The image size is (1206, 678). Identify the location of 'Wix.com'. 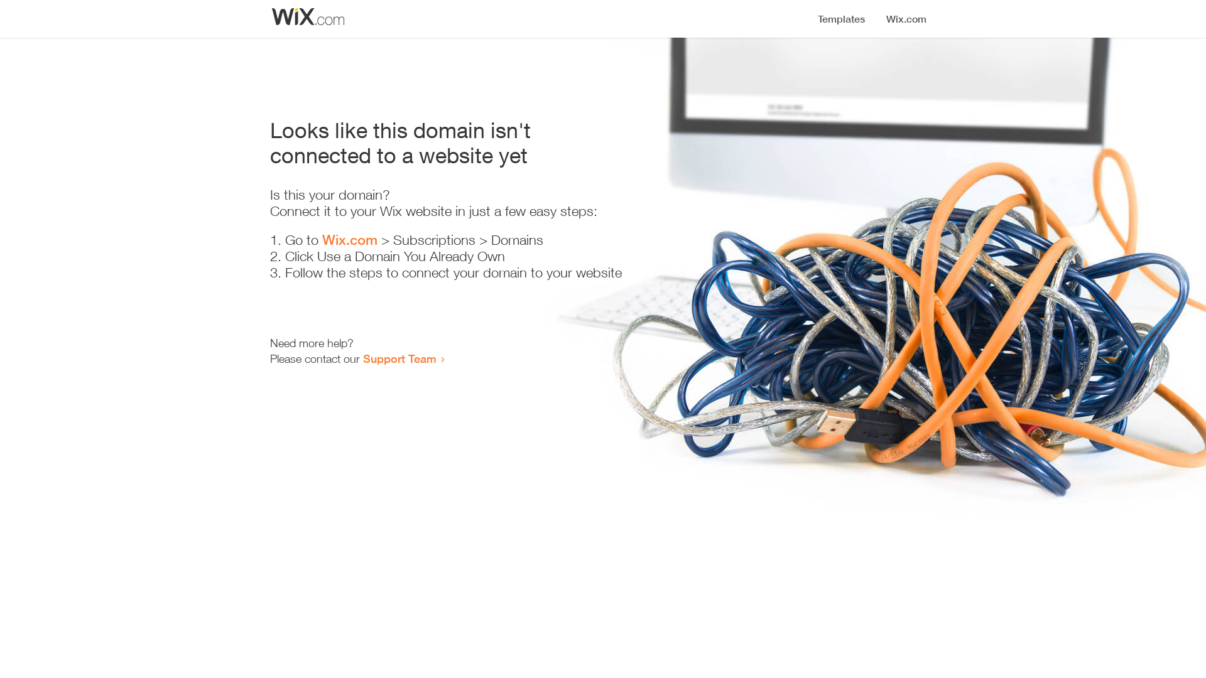
(322, 239).